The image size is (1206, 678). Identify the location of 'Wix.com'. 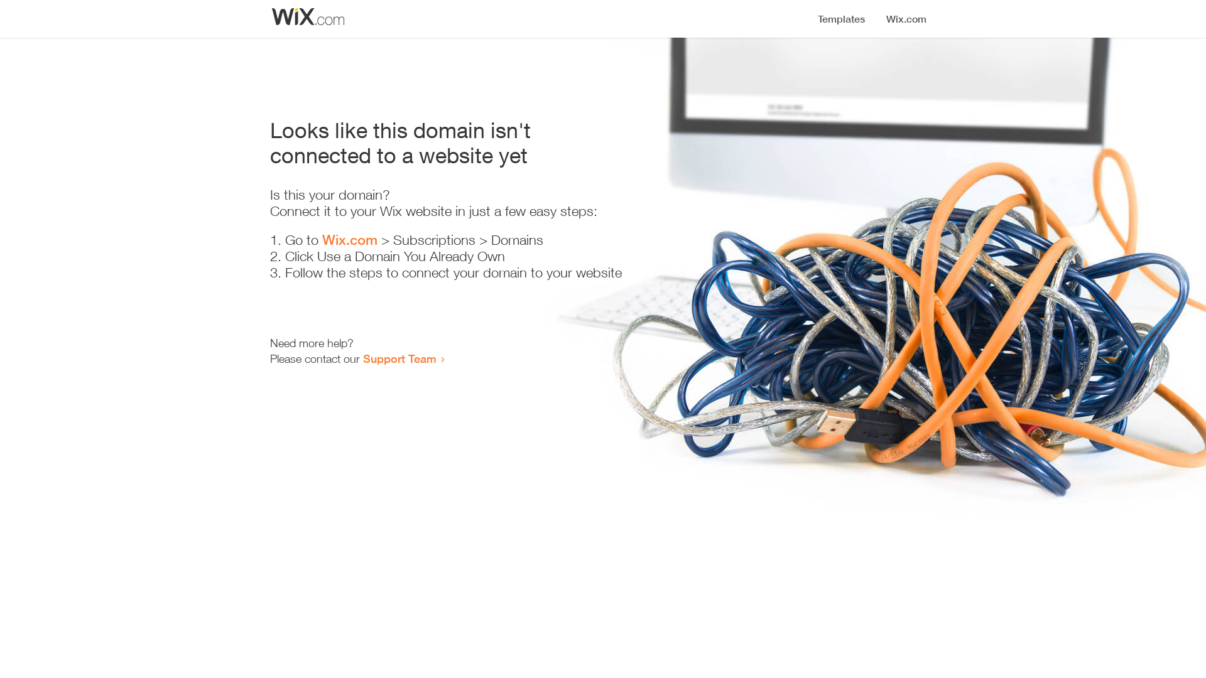
(322, 239).